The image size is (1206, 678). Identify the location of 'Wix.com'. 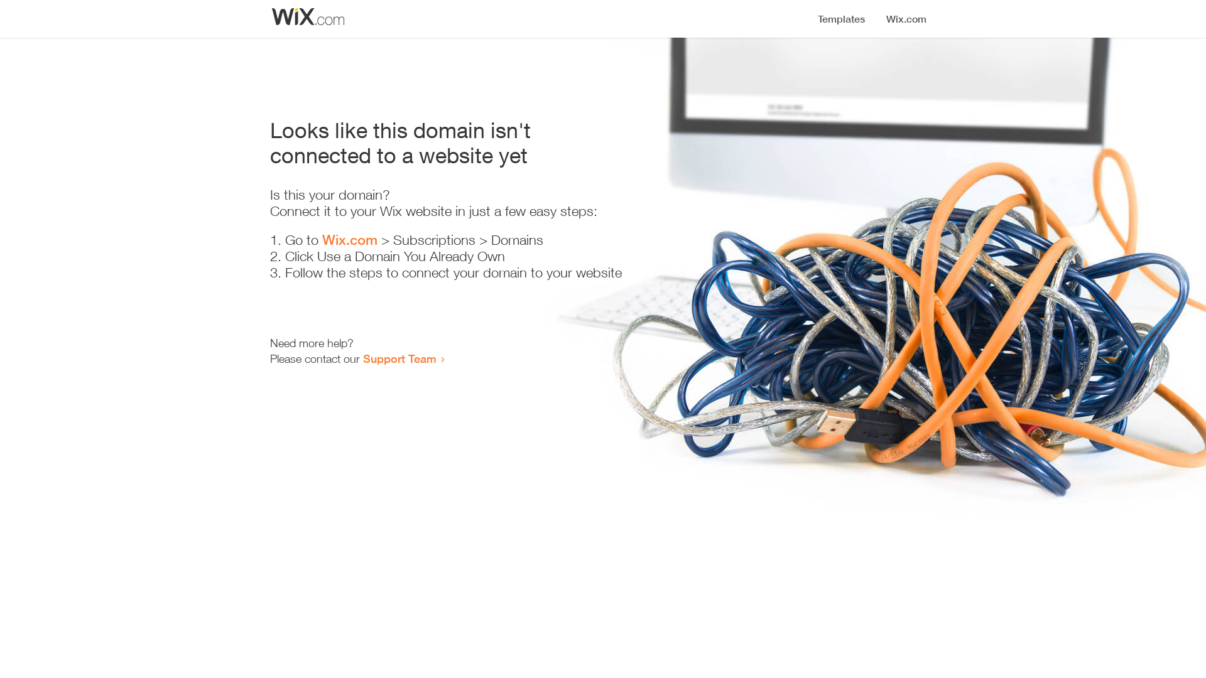
(322, 239).